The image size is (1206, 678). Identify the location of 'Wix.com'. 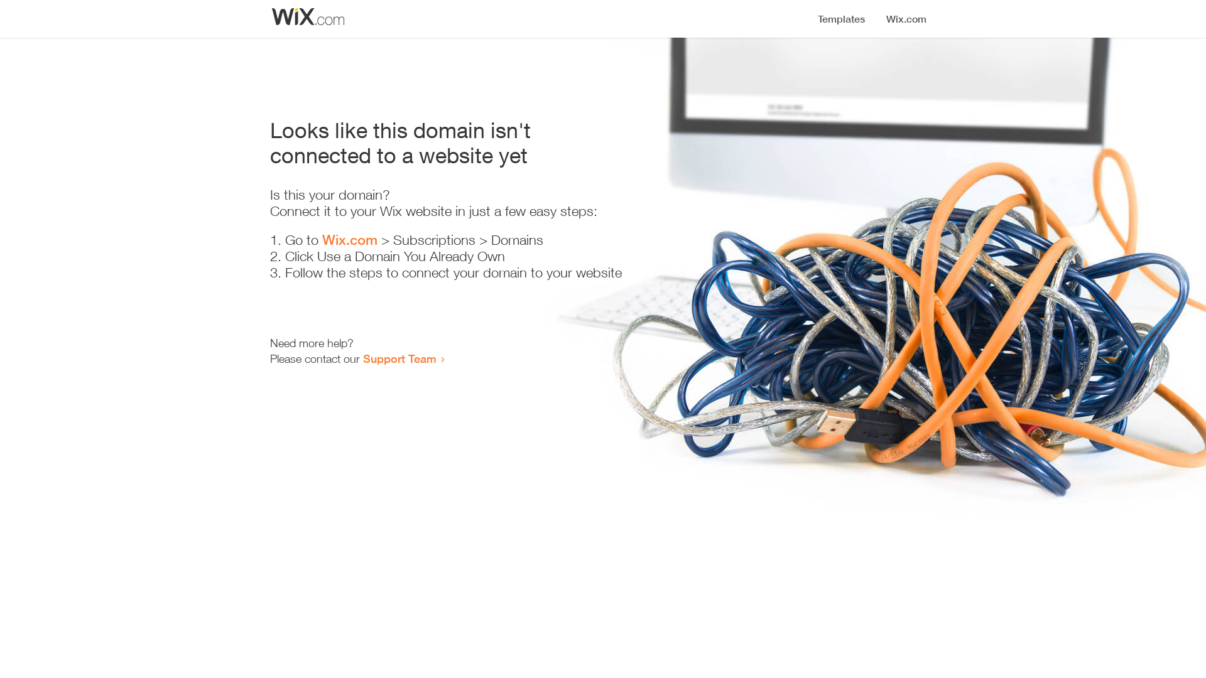
(322, 239).